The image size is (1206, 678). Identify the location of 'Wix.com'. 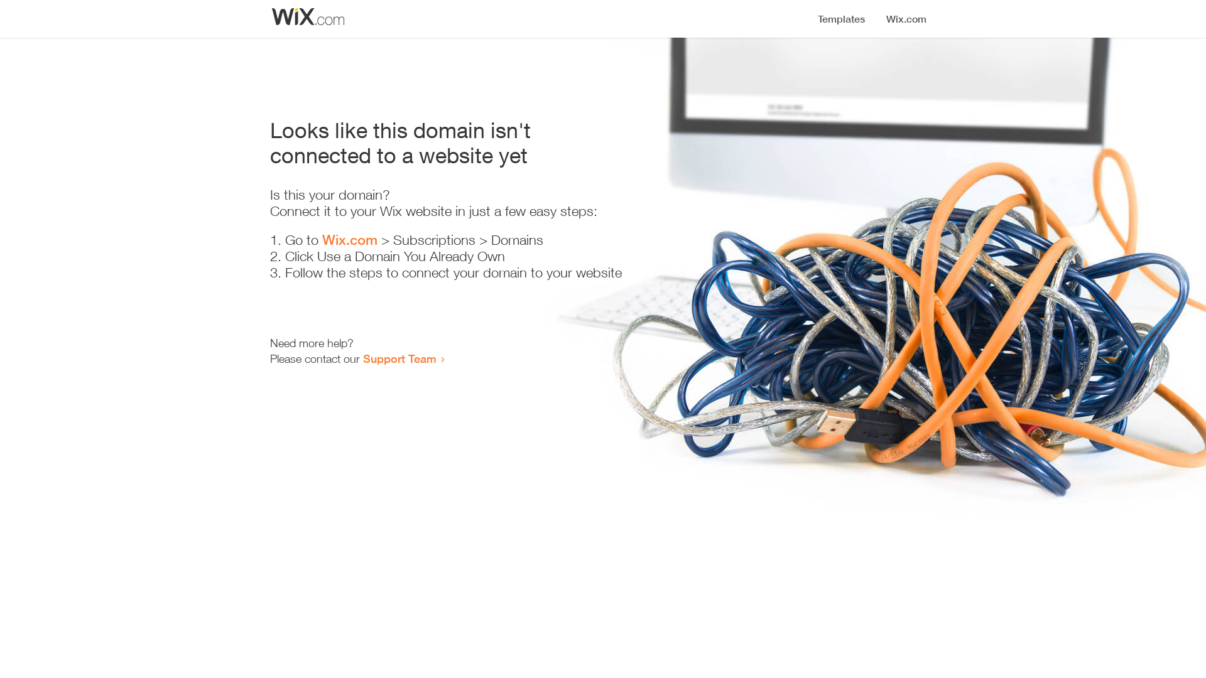
(322, 239).